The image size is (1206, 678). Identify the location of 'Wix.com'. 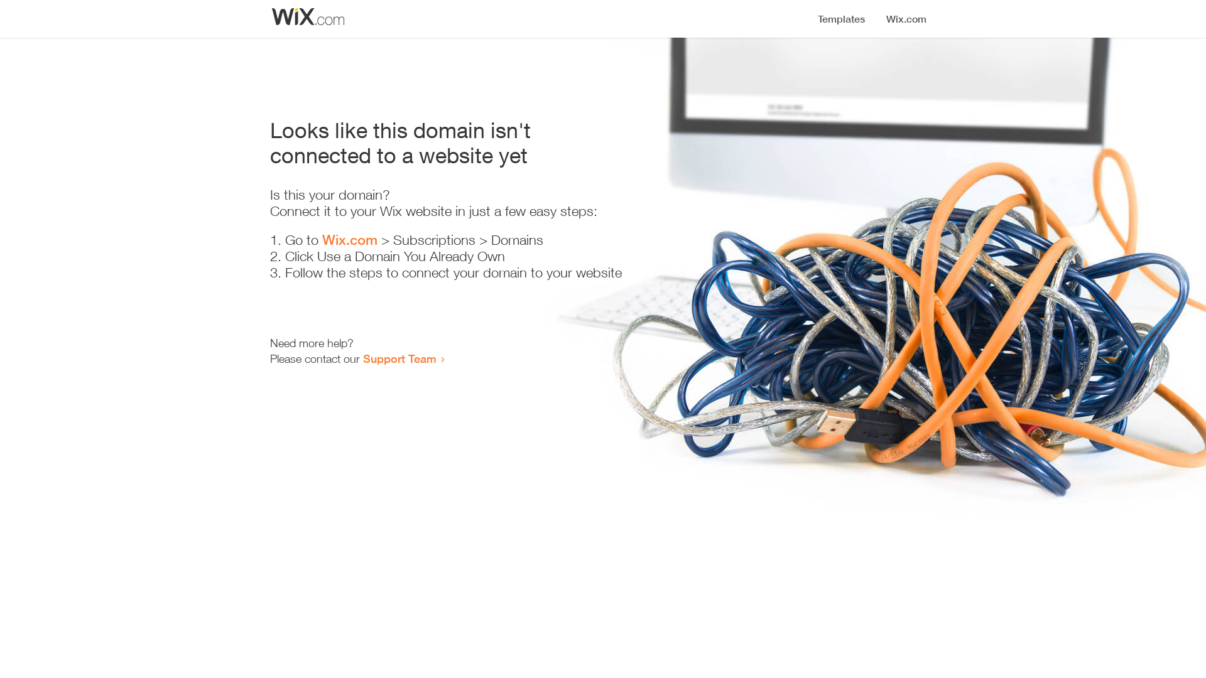
(322, 239).